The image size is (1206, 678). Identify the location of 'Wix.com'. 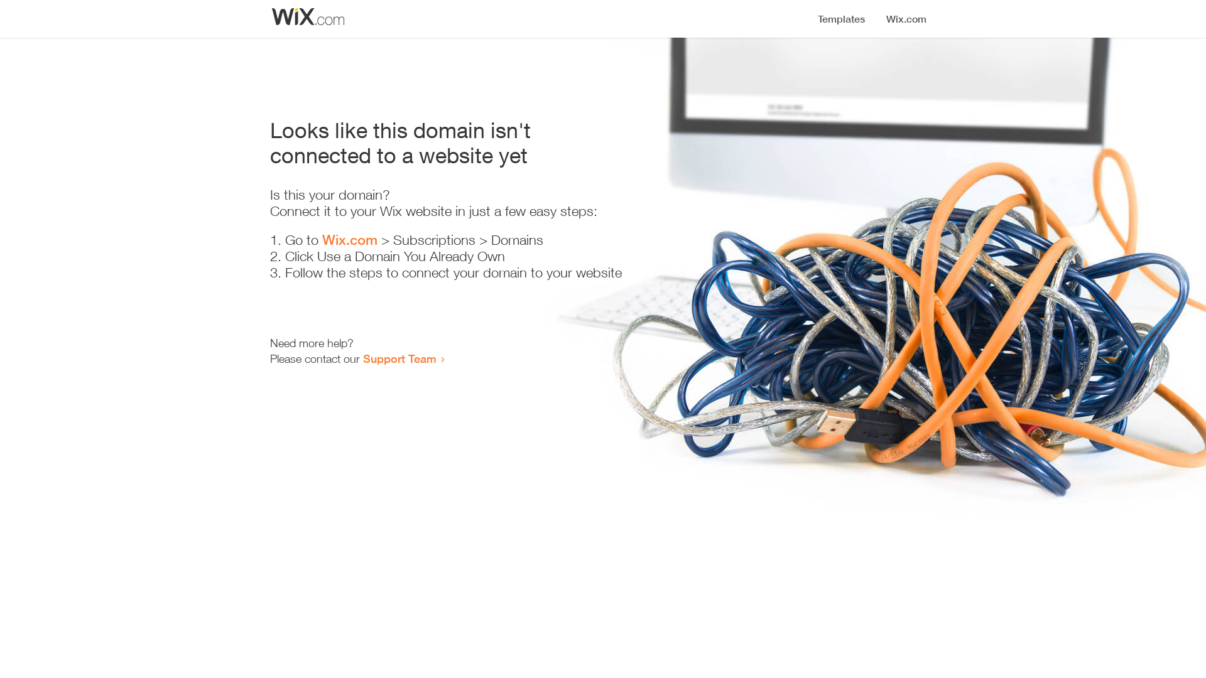
(322, 239).